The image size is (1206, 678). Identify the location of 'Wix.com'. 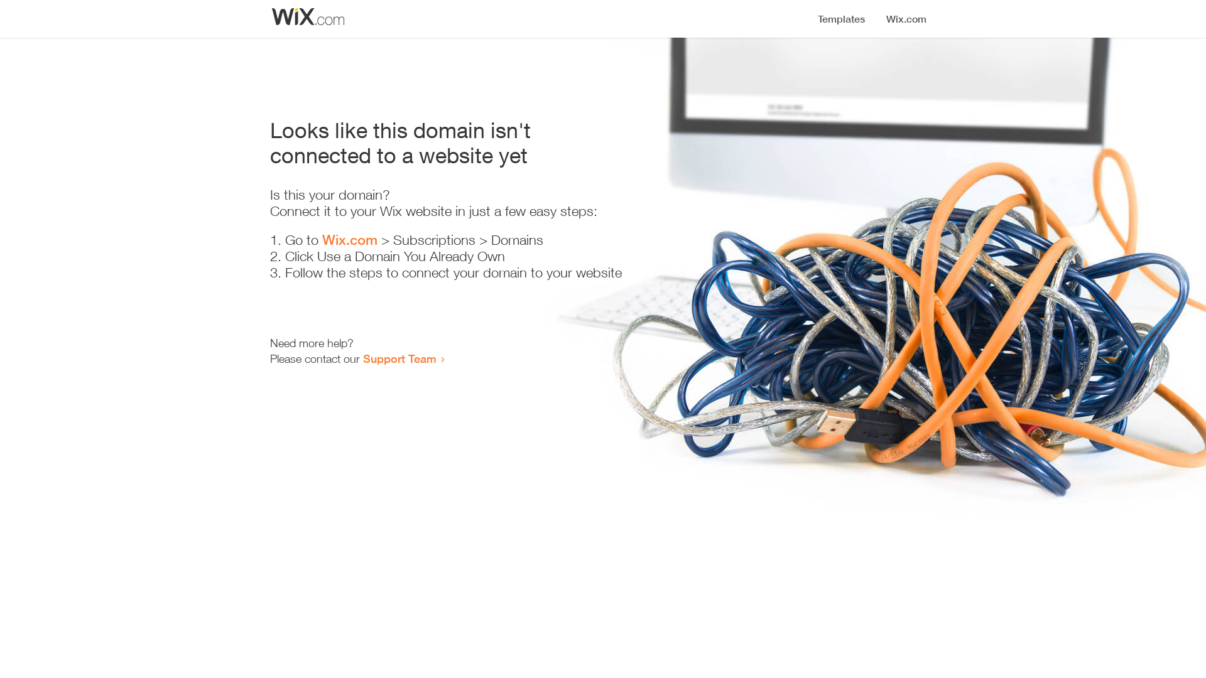
(322, 239).